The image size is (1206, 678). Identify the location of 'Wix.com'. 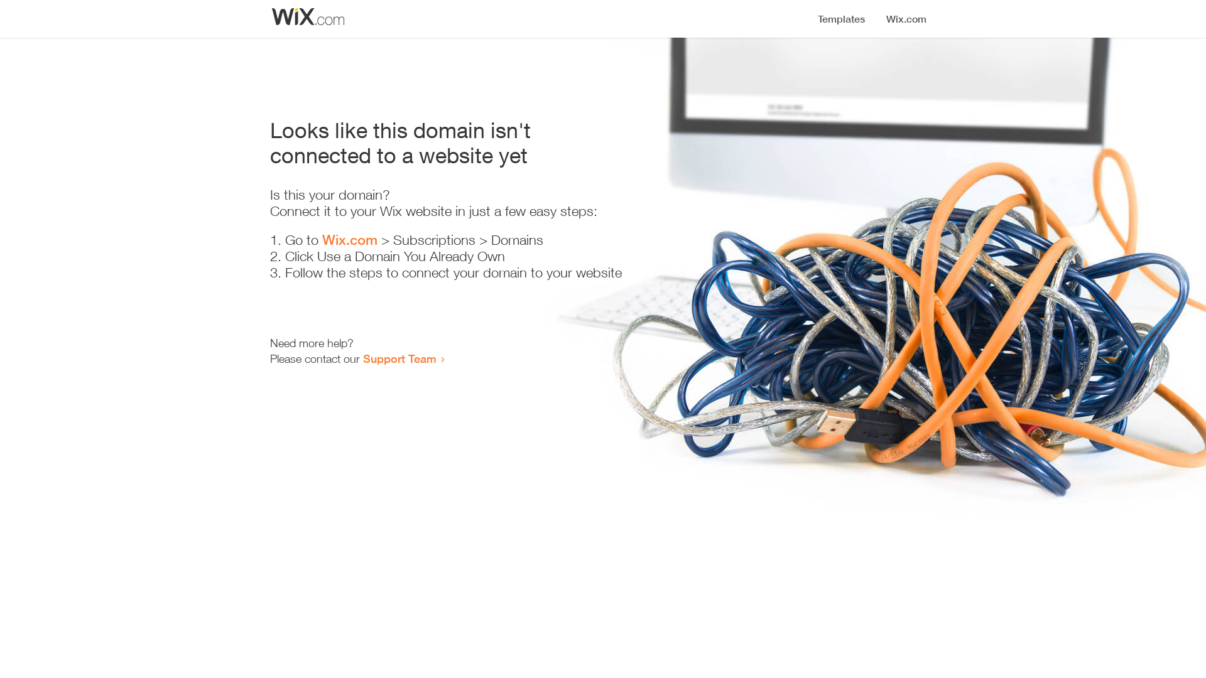
(322, 239).